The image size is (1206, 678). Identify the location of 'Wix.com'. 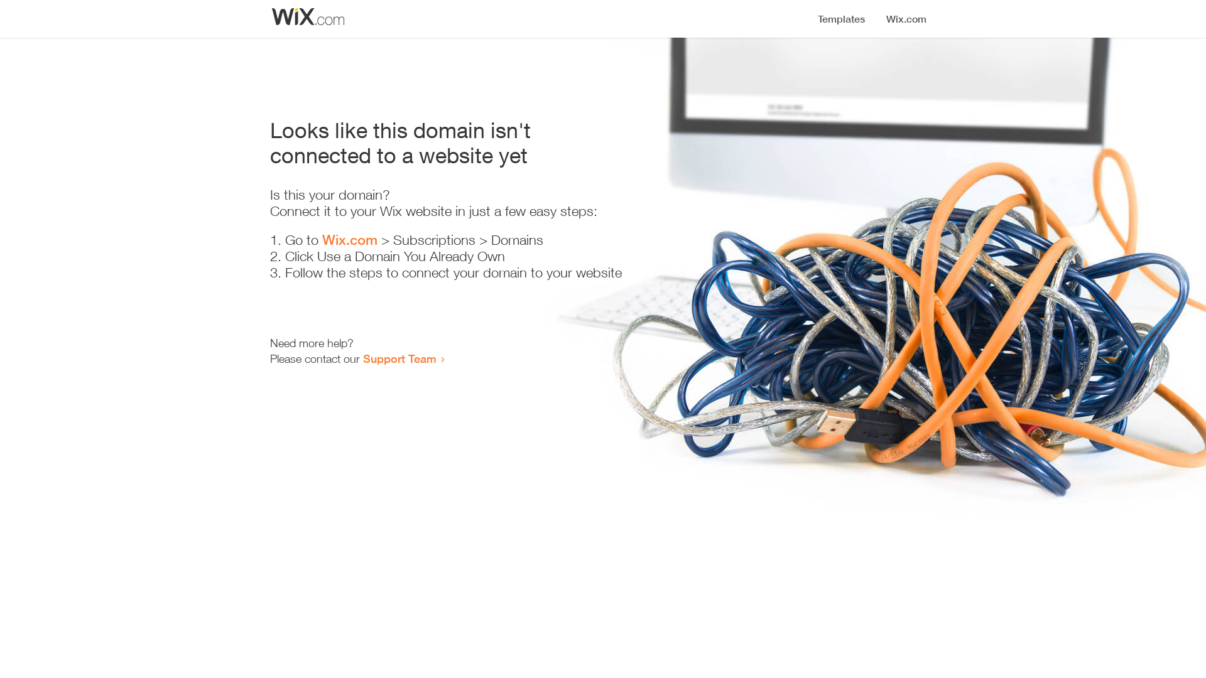
(322, 239).